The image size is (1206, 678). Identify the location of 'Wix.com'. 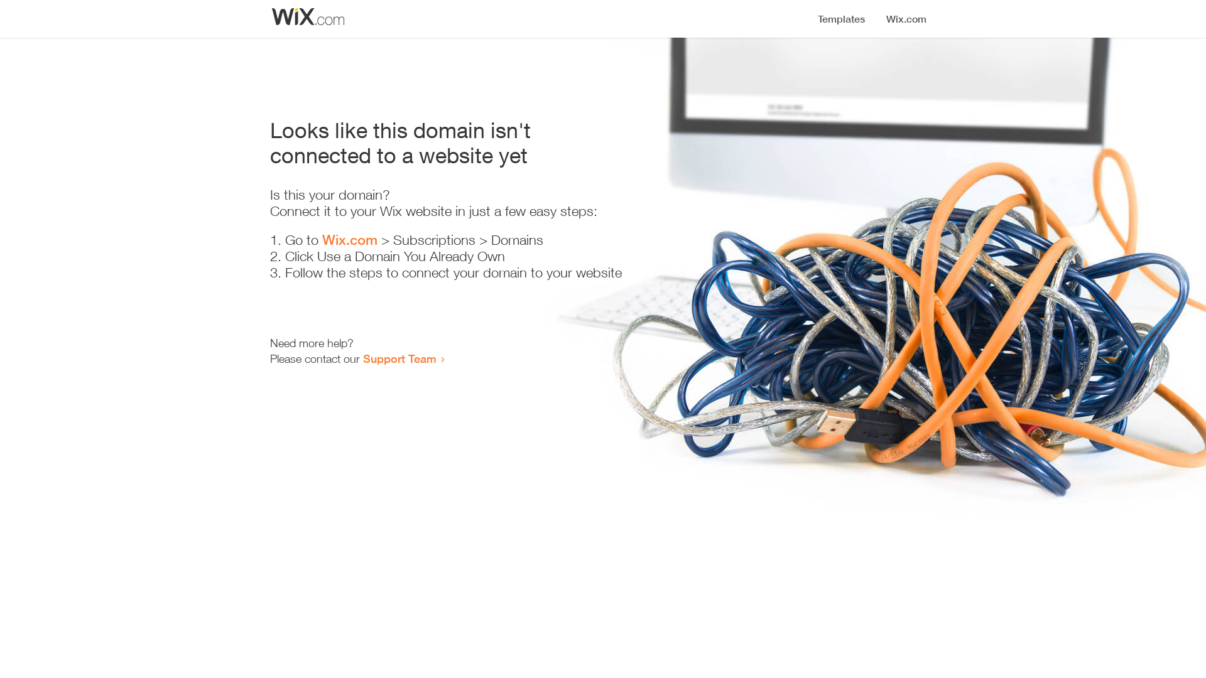
(322, 239).